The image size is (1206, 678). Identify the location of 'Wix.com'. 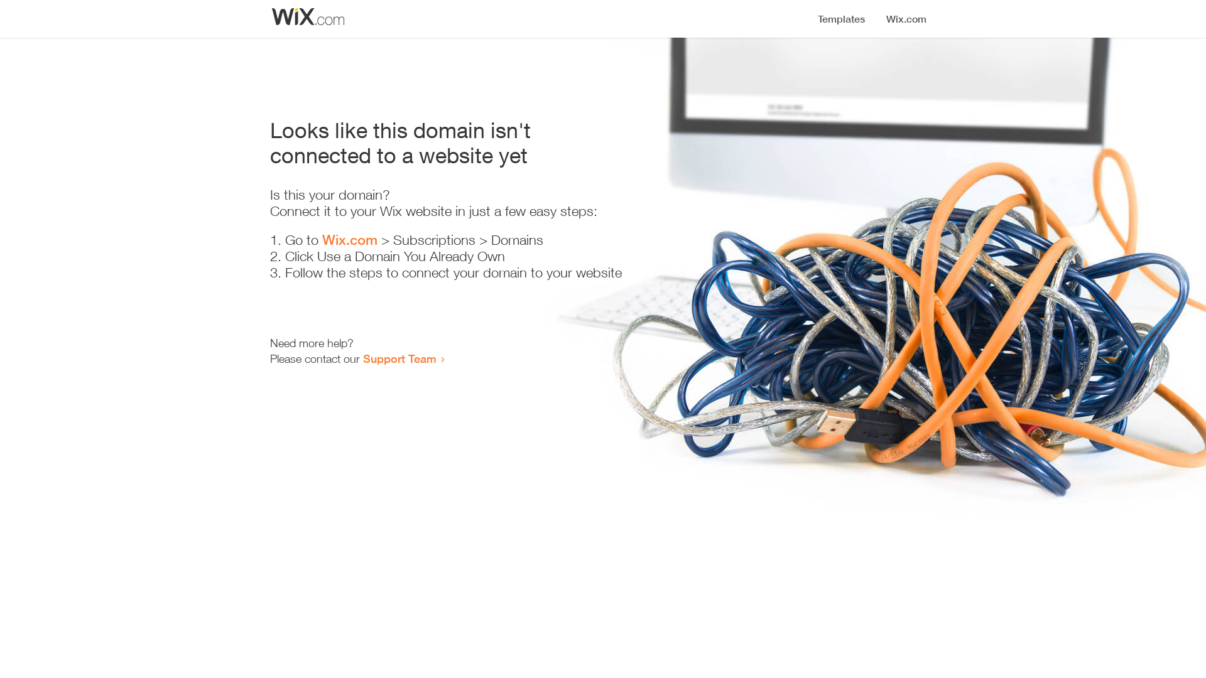
(322, 239).